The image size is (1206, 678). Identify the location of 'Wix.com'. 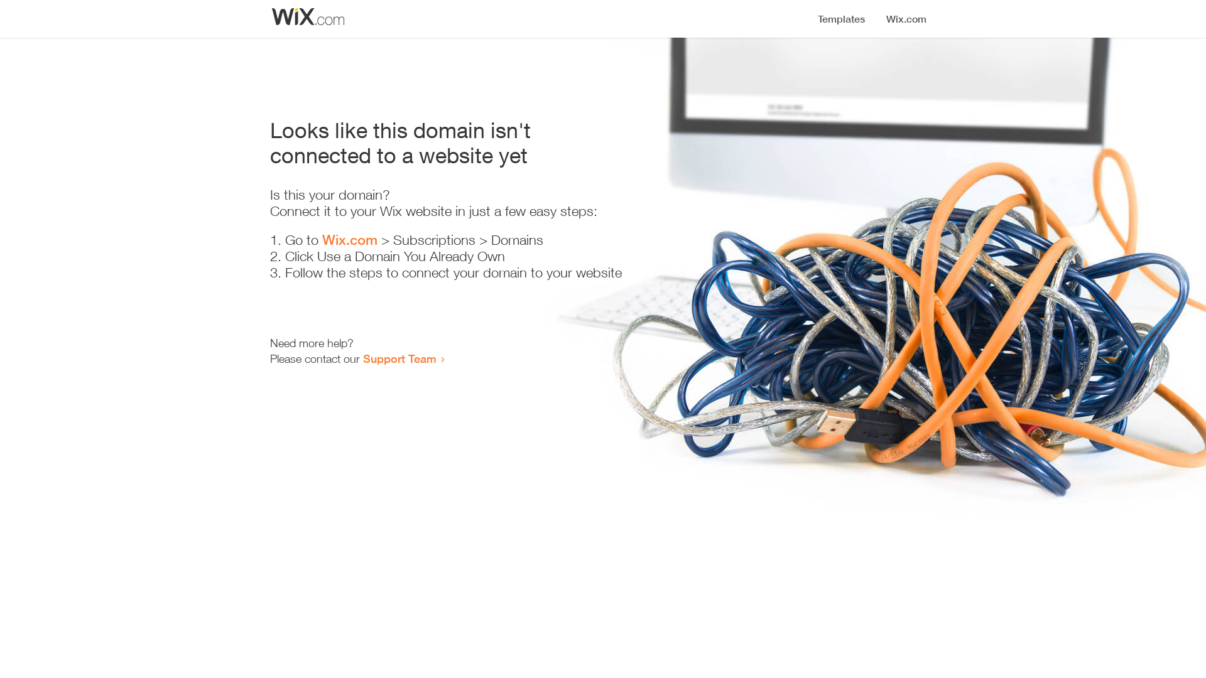
(322, 239).